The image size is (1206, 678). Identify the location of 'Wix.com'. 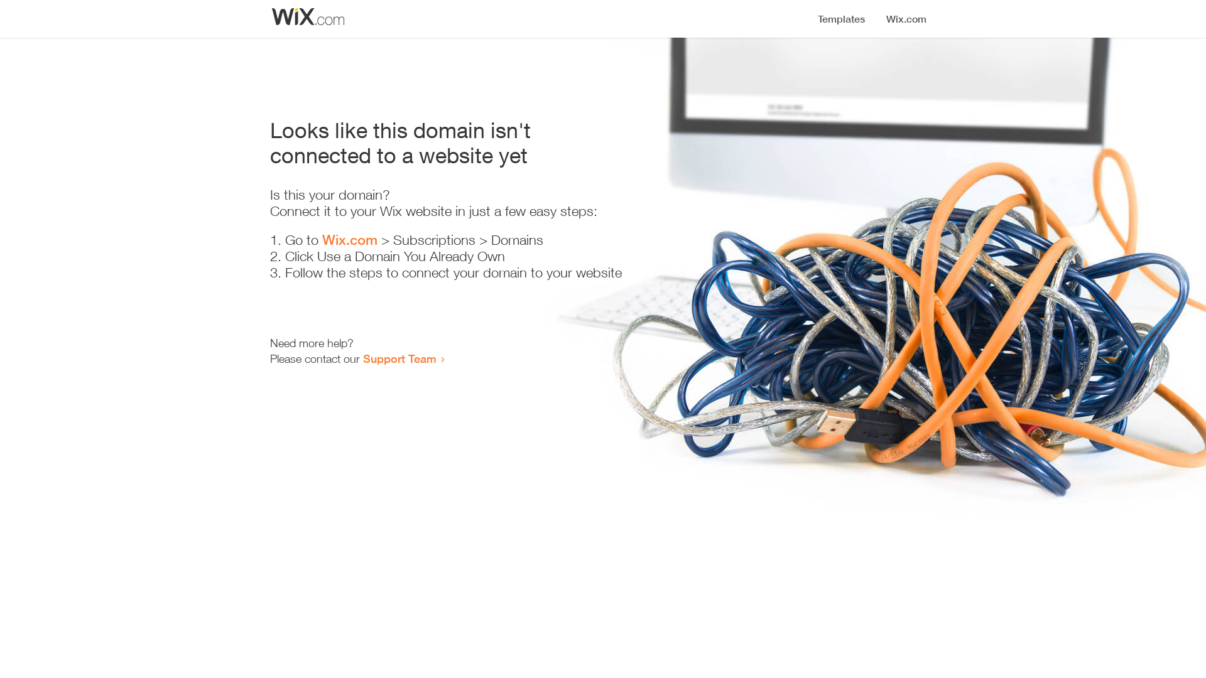
(322, 239).